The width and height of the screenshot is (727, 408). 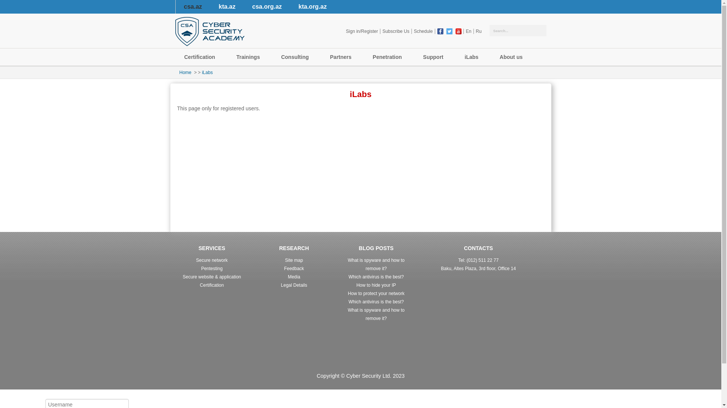 I want to click on 'Sign in/Register', so click(x=344, y=31).